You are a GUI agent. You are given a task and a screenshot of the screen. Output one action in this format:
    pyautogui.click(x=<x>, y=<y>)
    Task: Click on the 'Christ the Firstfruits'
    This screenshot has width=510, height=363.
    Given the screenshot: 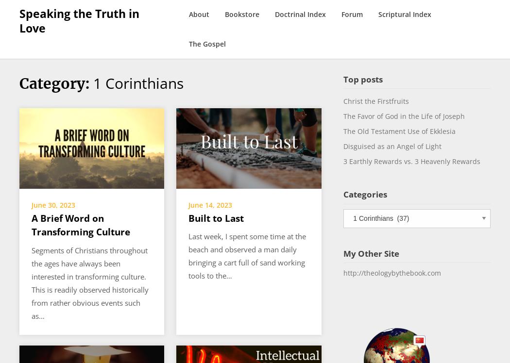 What is the action you would take?
    pyautogui.click(x=375, y=101)
    